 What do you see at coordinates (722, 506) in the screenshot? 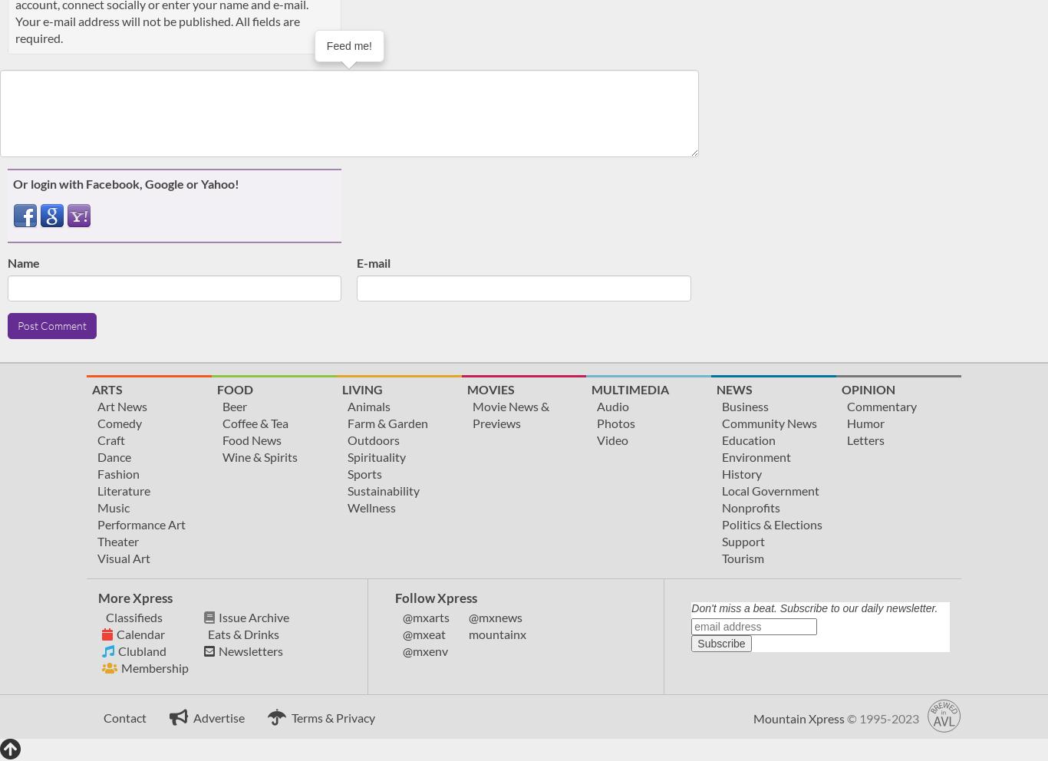
I see `'Nonprofits'` at bounding box center [722, 506].